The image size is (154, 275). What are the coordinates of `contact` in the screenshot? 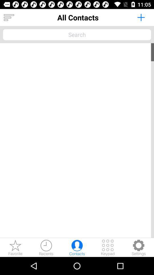 It's located at (141, 17).